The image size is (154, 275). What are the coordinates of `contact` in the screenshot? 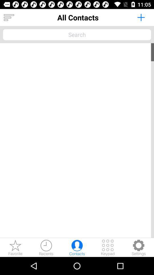 It's located at (141, 17).